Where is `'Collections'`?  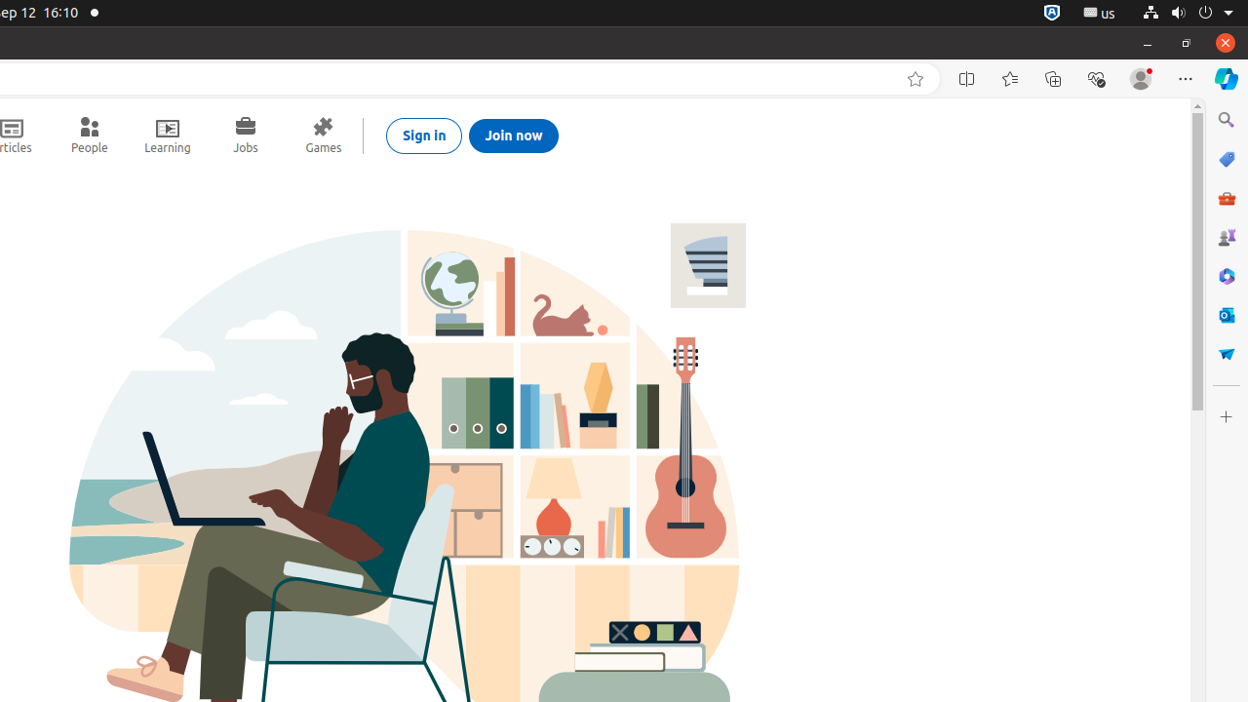
'Collections' is located at coordinates (1052, 78).